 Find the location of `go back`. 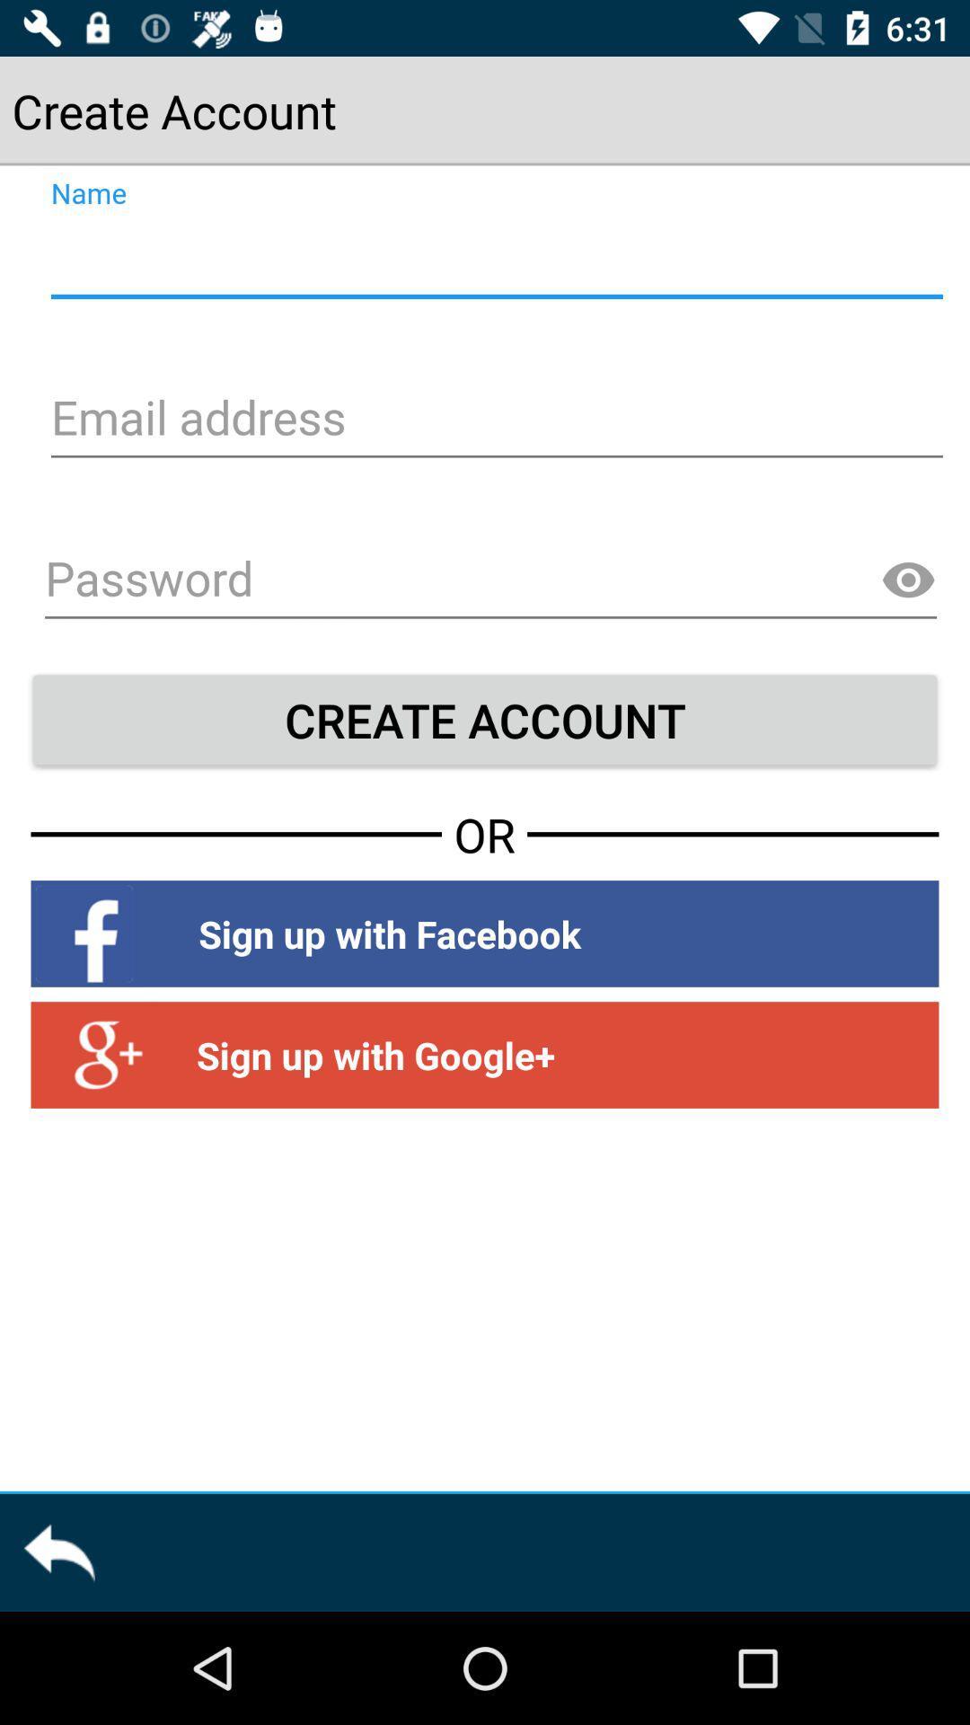

go back is located at coordinates (57, 1552).